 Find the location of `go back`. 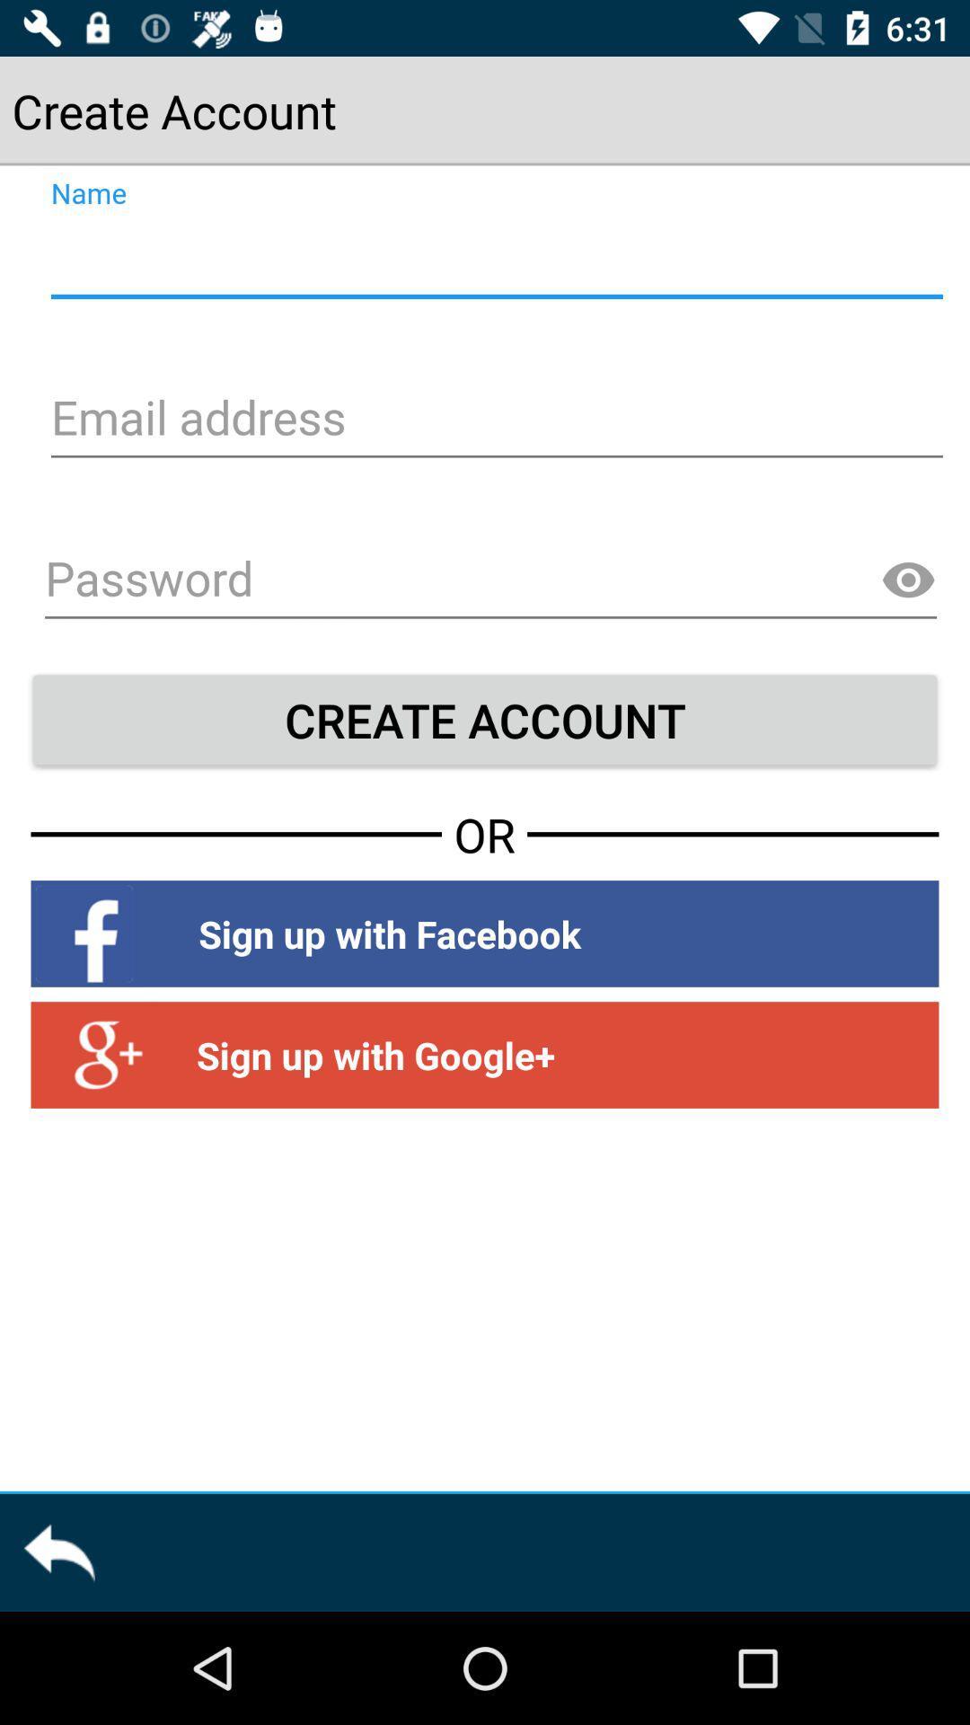

go back is located at coordinates (57, 1552).